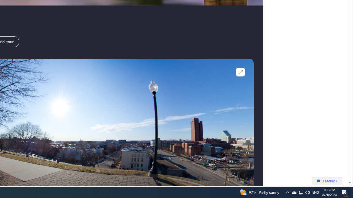 Image resolution: width=353 pixels, height=198 pixels. I want to click on 'Full screen', so click(240, 72).